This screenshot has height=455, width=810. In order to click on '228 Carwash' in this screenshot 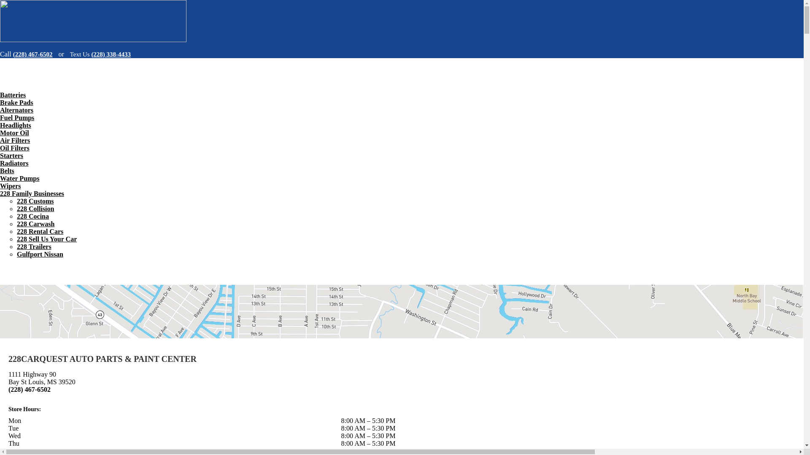, I will do `click(35, 223)`.